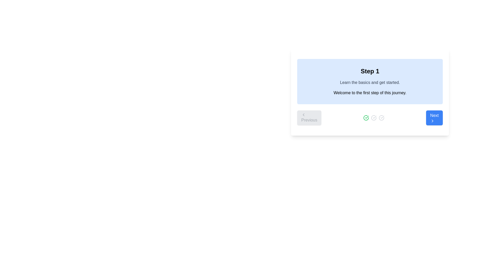 The image size is (494, 278). Describe the element at coordinates (309, 118) in the screenshot. I see `the disabled 'Previous' button located at the bottom left of the interface, which is part of a multi-step process` at that location.